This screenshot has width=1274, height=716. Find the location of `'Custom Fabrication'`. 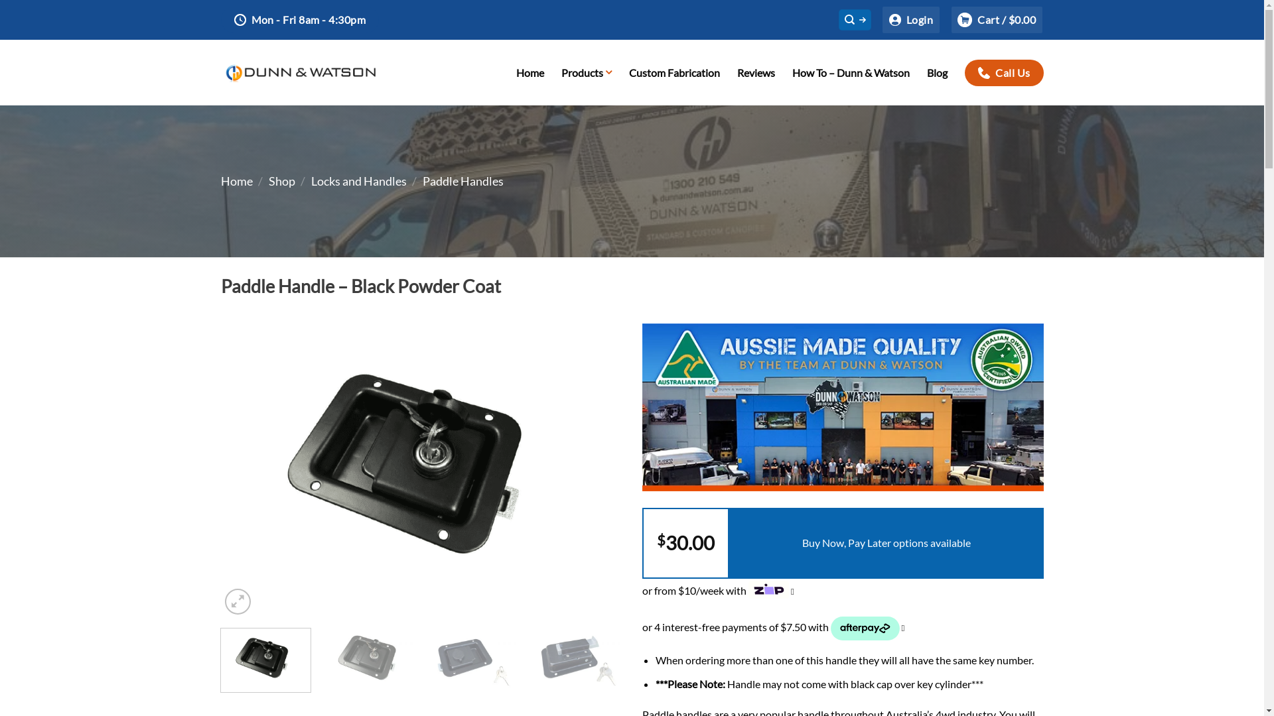

'Custom Fabrication' is located at coordinates (674, 73).